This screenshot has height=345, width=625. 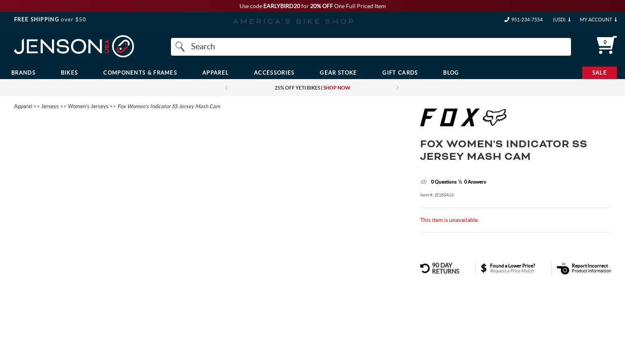 I want to click on 'for', so click(x=305, y=6).